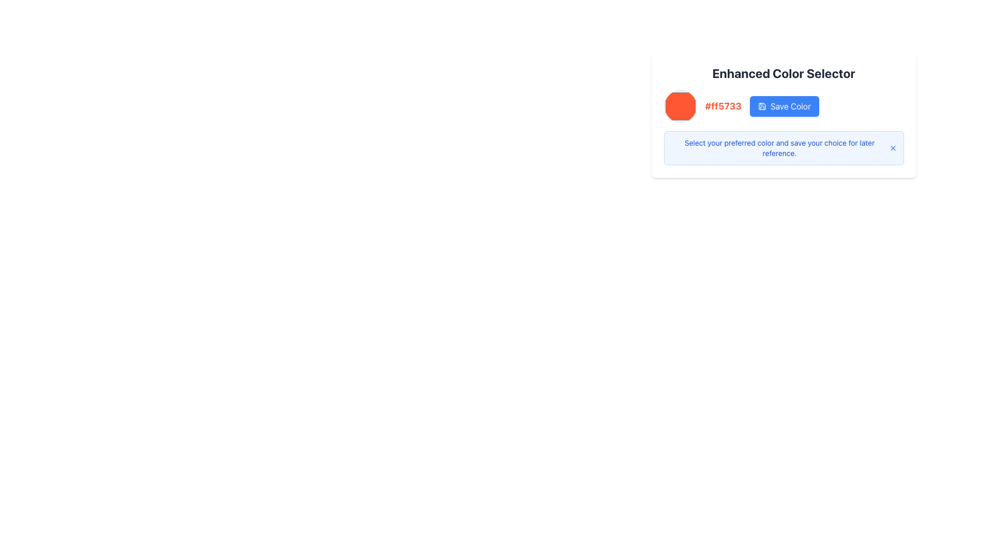 The image size is (993, 558). Describe the element at coordinates (784, 115) in the screenshot. I see `the 'Enhanced Color Selector' interactive color picker` at that location.